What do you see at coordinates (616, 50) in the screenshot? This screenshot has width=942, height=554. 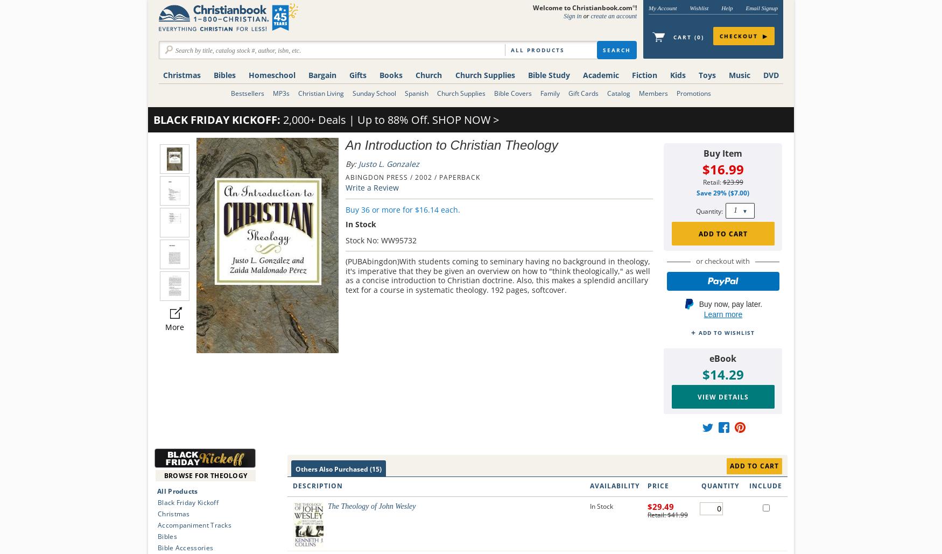 I see `'Search'` at bounding box center [616, 50].